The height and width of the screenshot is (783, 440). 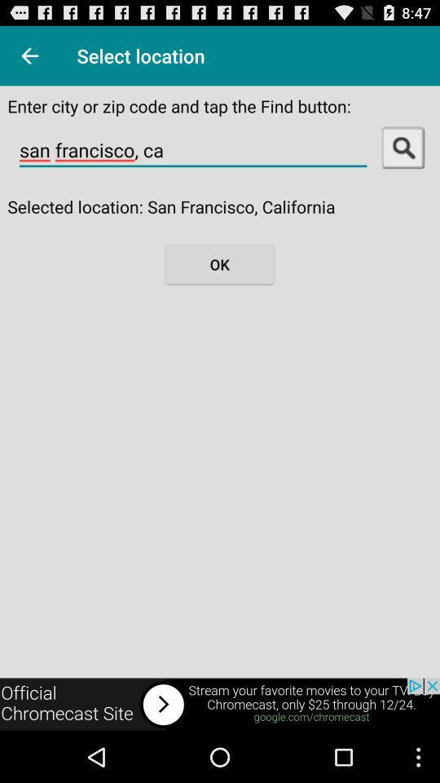 What do you see at coordinates (403, 146) in the screenshot?
I see `search page` at bounding box center [403, 146].